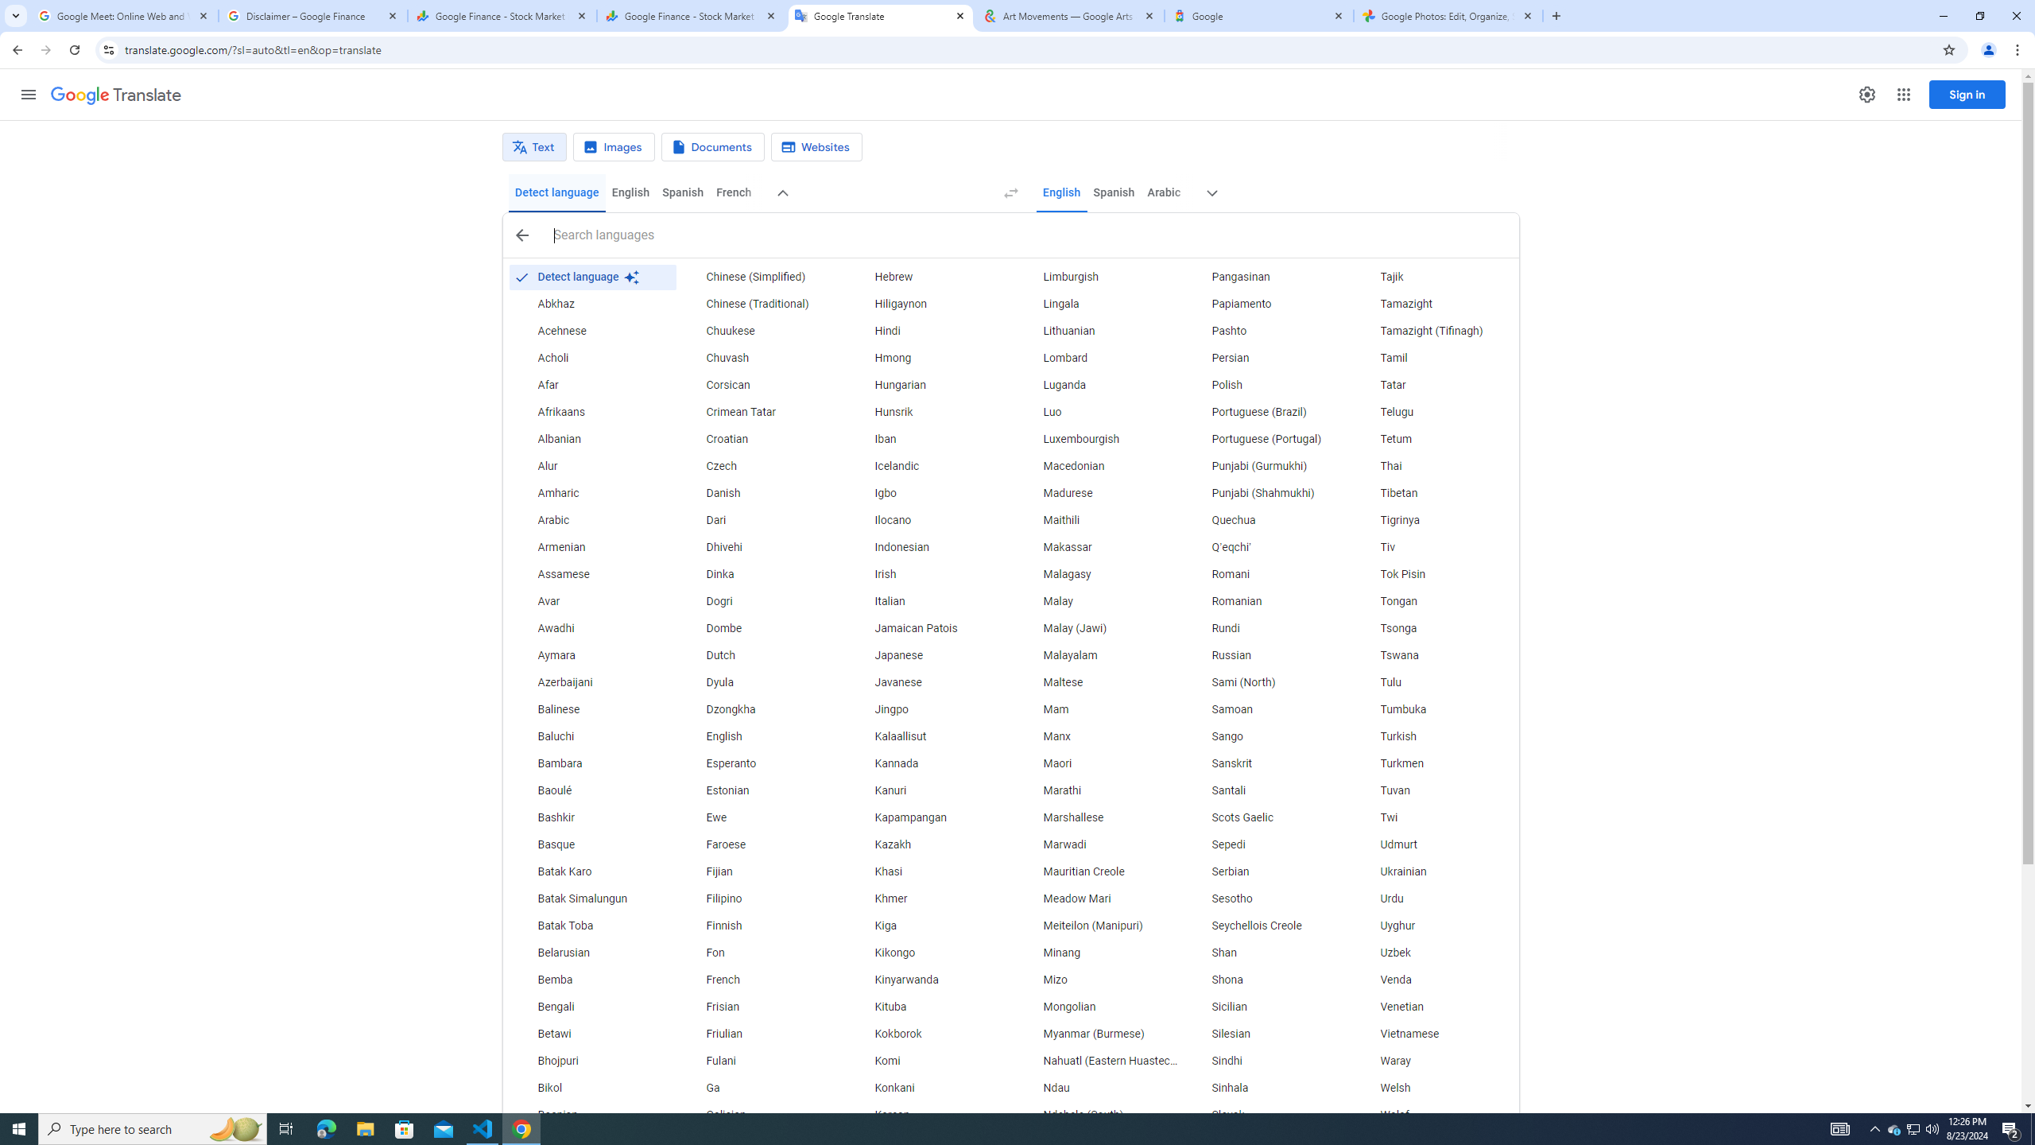  Describe the element at coordinates (1433, 953) in the screenshot. I see `'Uzbek'` at that location.